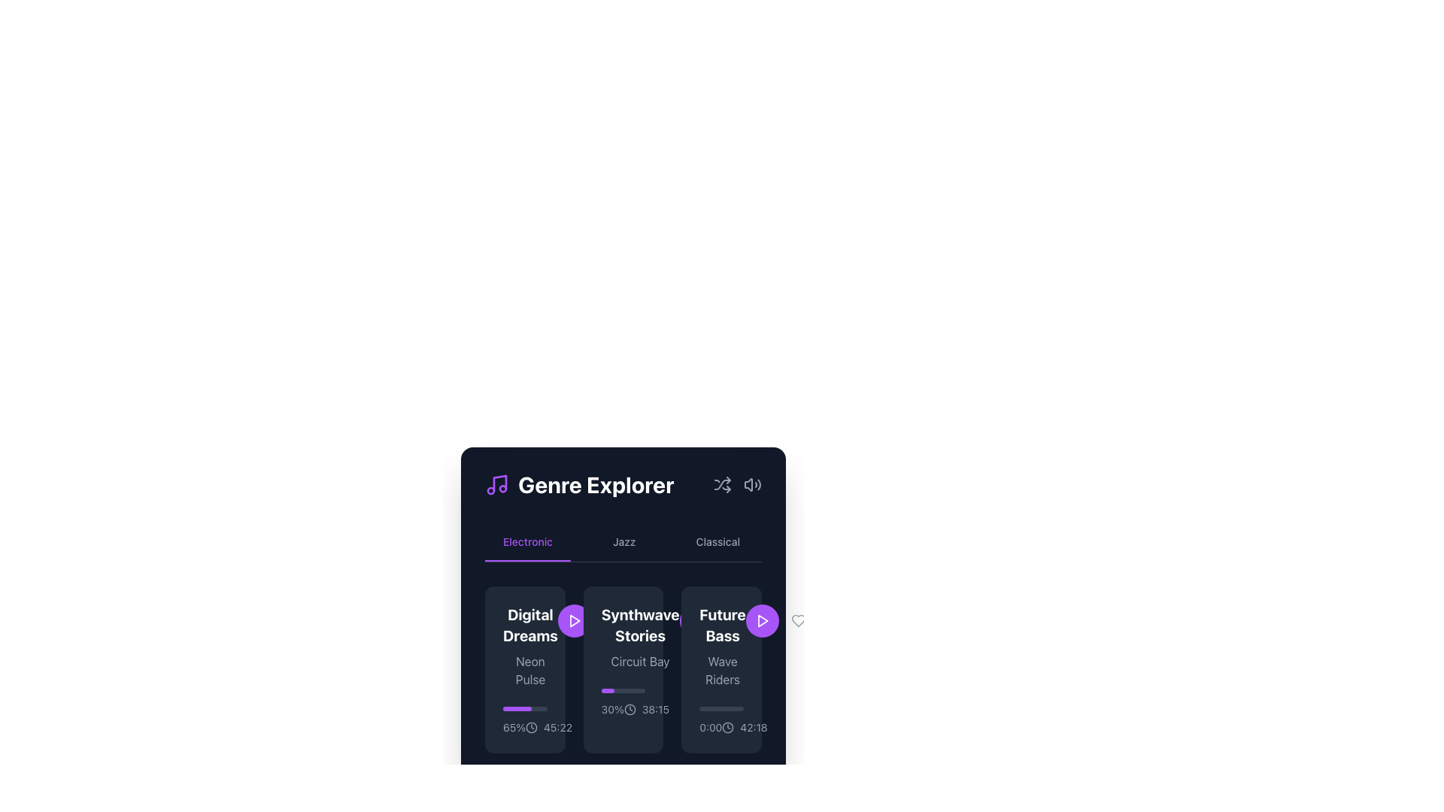  What do you see at coordinates (595, 484) in the screenshot?
I see `the text label or header indicating the thematic area related to exploring genres, located to the right of a purple music icon in the central upper section of the card-like interface` at bounding box center [595, 484].